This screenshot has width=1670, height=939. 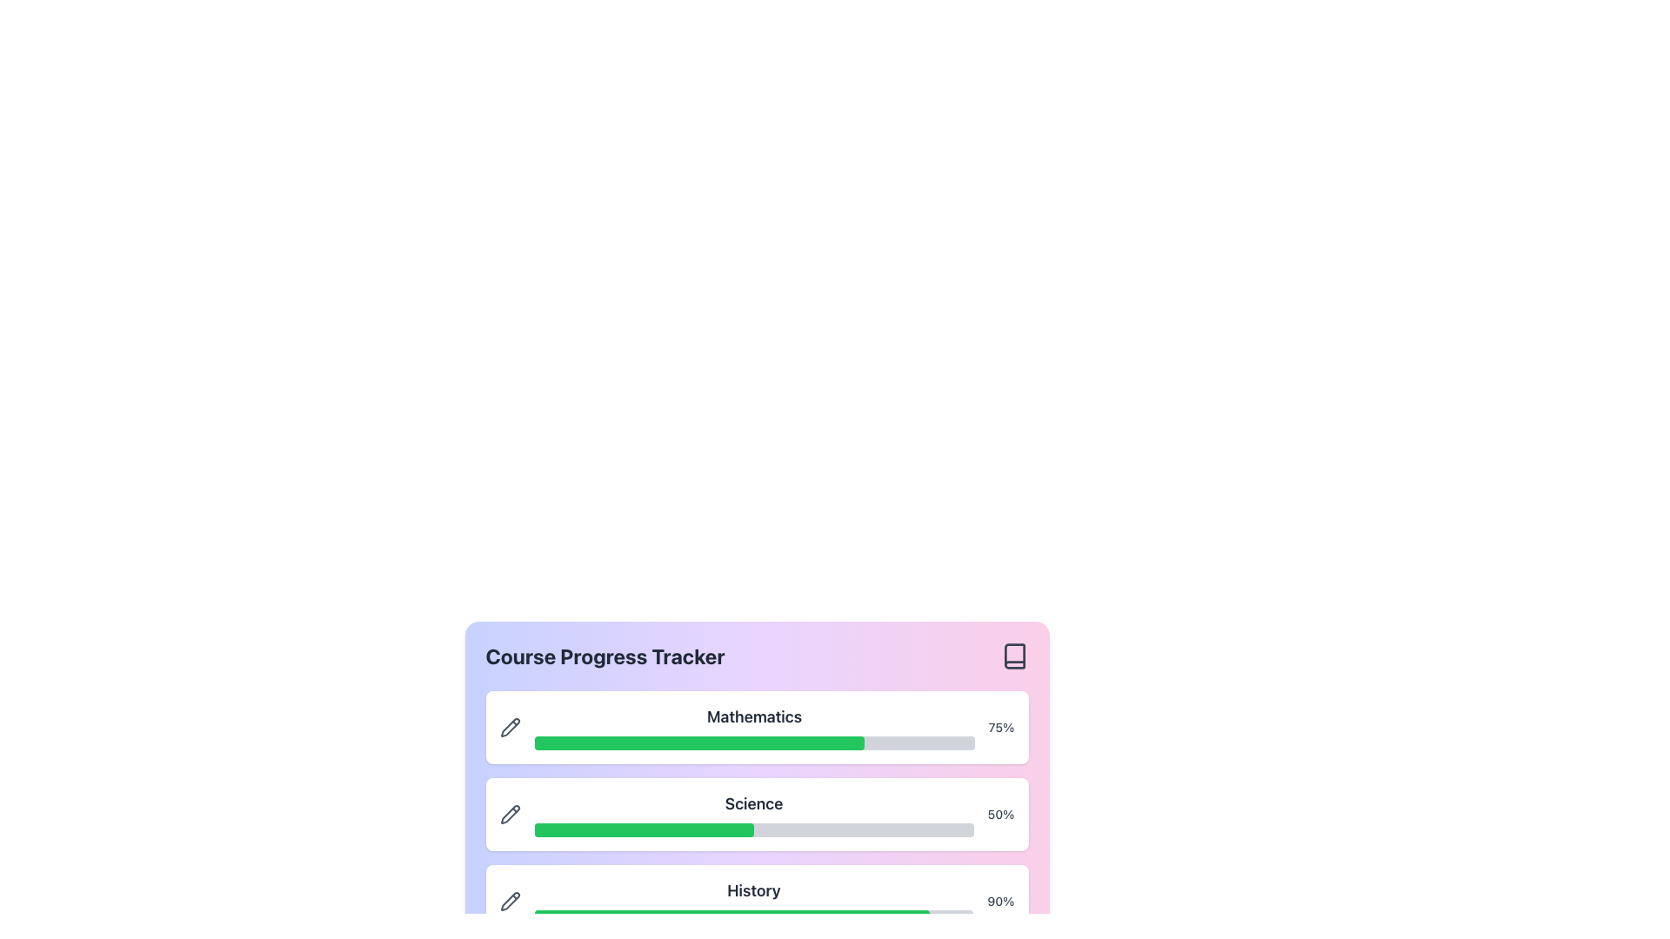 I want to click on completion level of the green progress bar located in the 'History' section of the progress tracker widget, which is styled with rounded edges and displays a percentage indicator on the right, so click(x=731, y=916).